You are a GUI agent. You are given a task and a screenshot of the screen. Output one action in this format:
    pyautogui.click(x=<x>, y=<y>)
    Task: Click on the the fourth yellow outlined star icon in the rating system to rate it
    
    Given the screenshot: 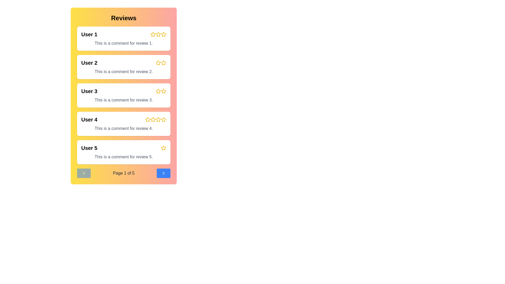 What is the action you would take?
    pyautogui.click(x=158, y=119)
    